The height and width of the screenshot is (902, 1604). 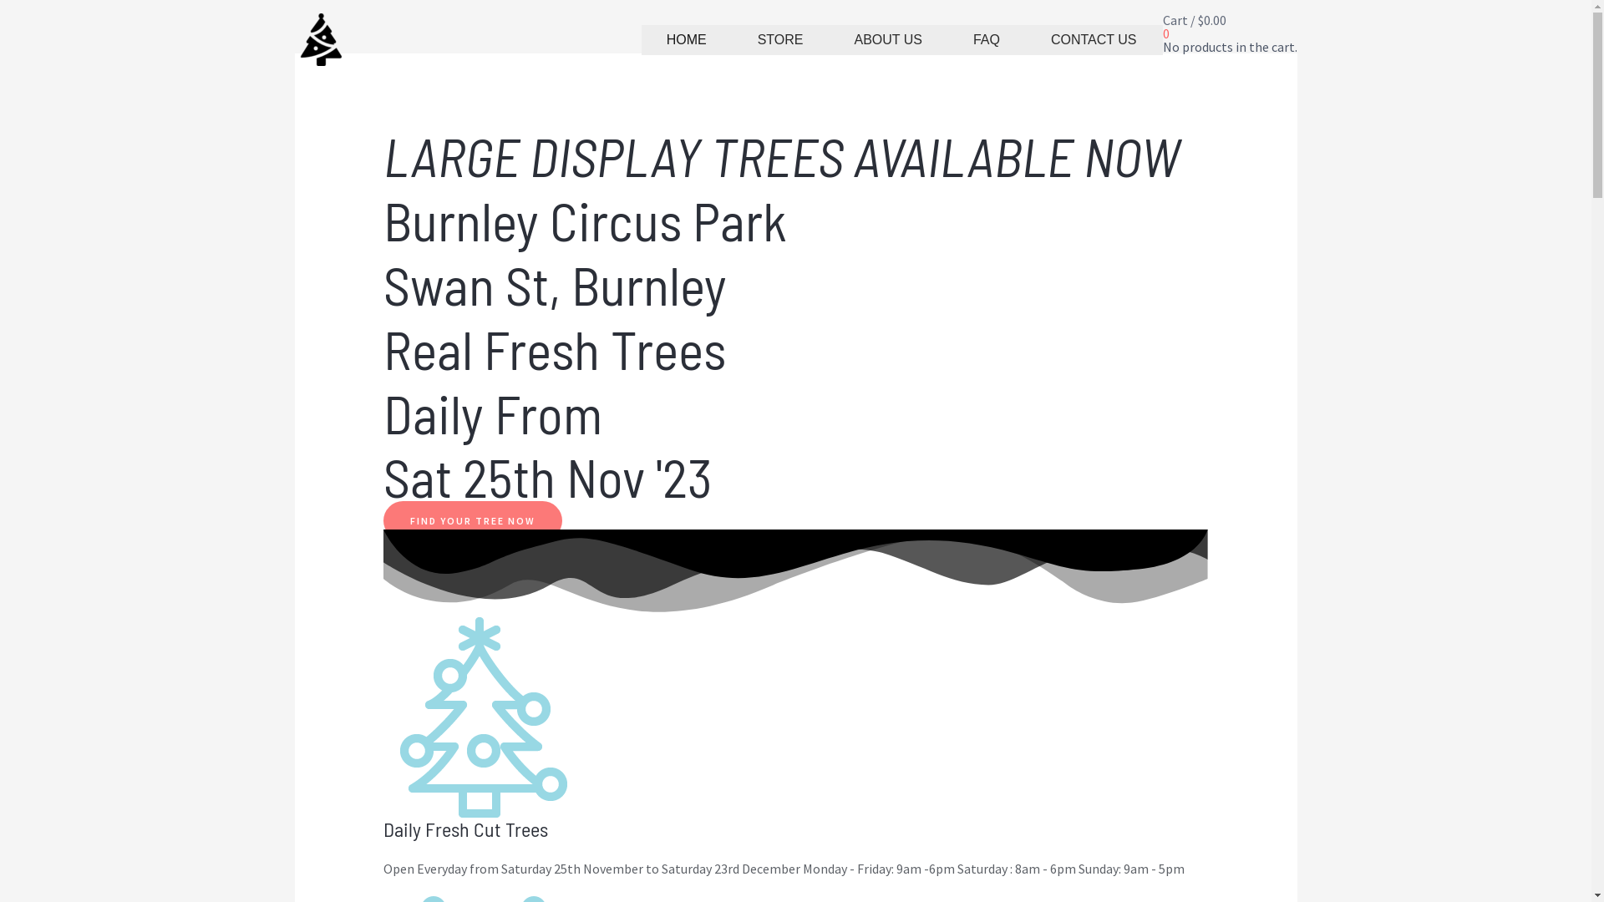 What do you see at coordinates (687, 38) in the screenshot?
I see `'HOME'` at bounding box center [687, 38].